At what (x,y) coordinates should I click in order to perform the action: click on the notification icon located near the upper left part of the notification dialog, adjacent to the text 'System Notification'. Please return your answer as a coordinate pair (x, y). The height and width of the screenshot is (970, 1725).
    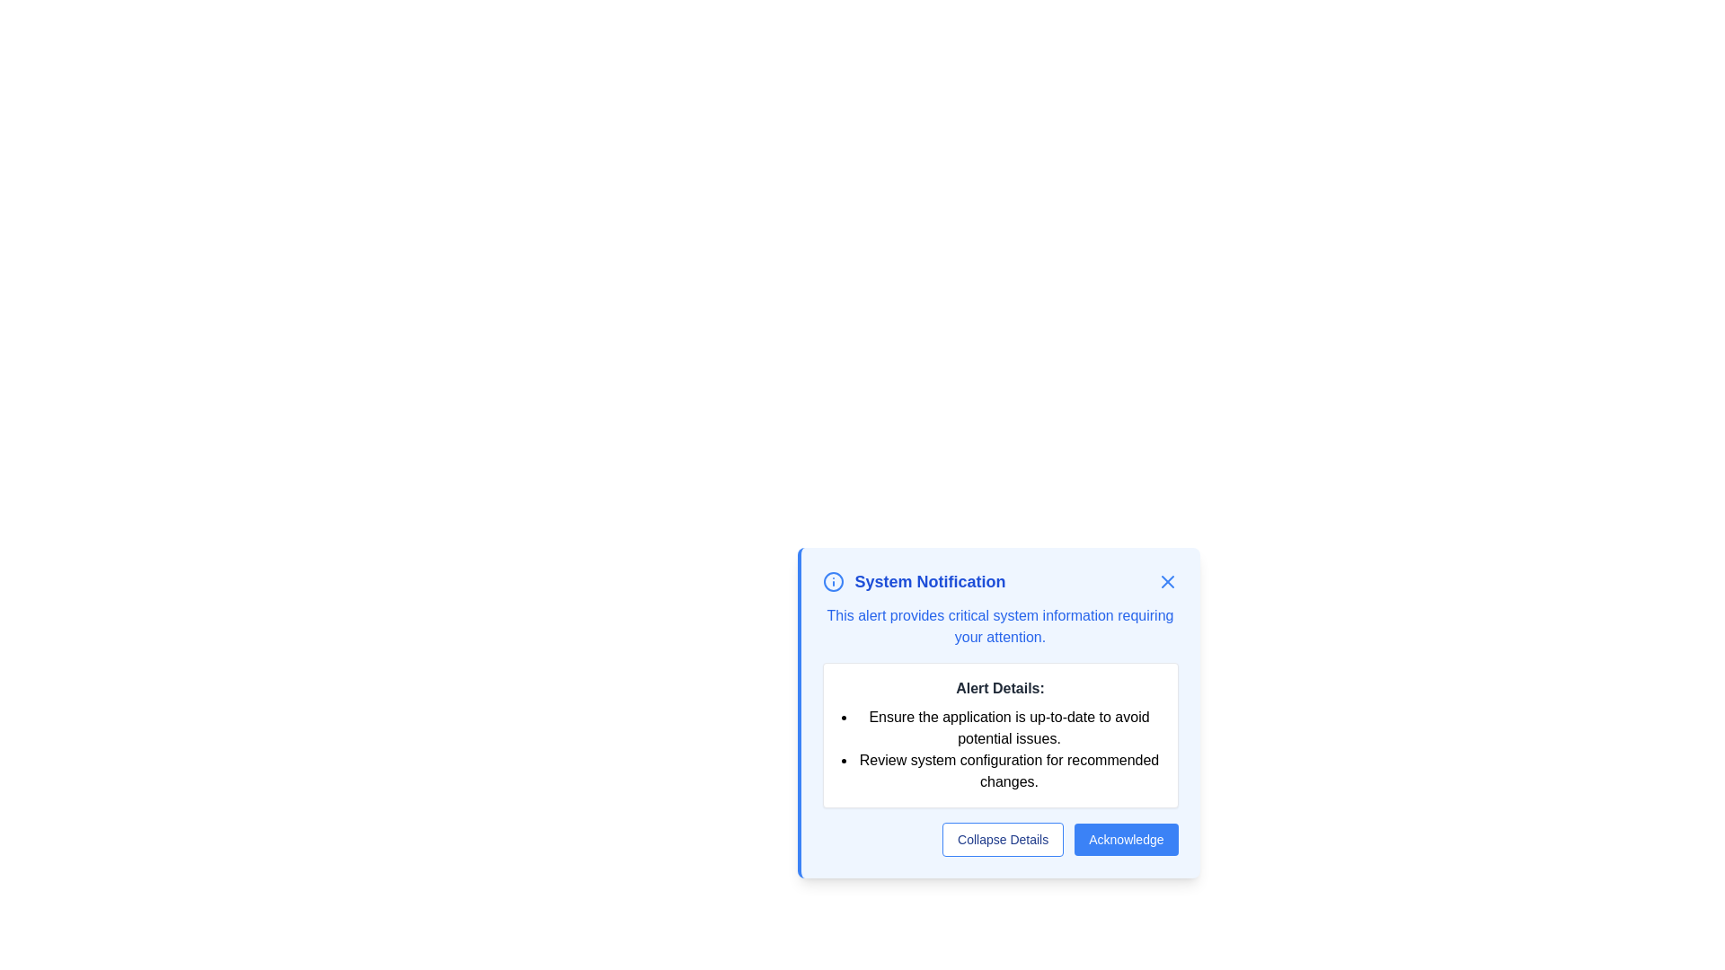
    Looking at the image, I should click on (832, 582).